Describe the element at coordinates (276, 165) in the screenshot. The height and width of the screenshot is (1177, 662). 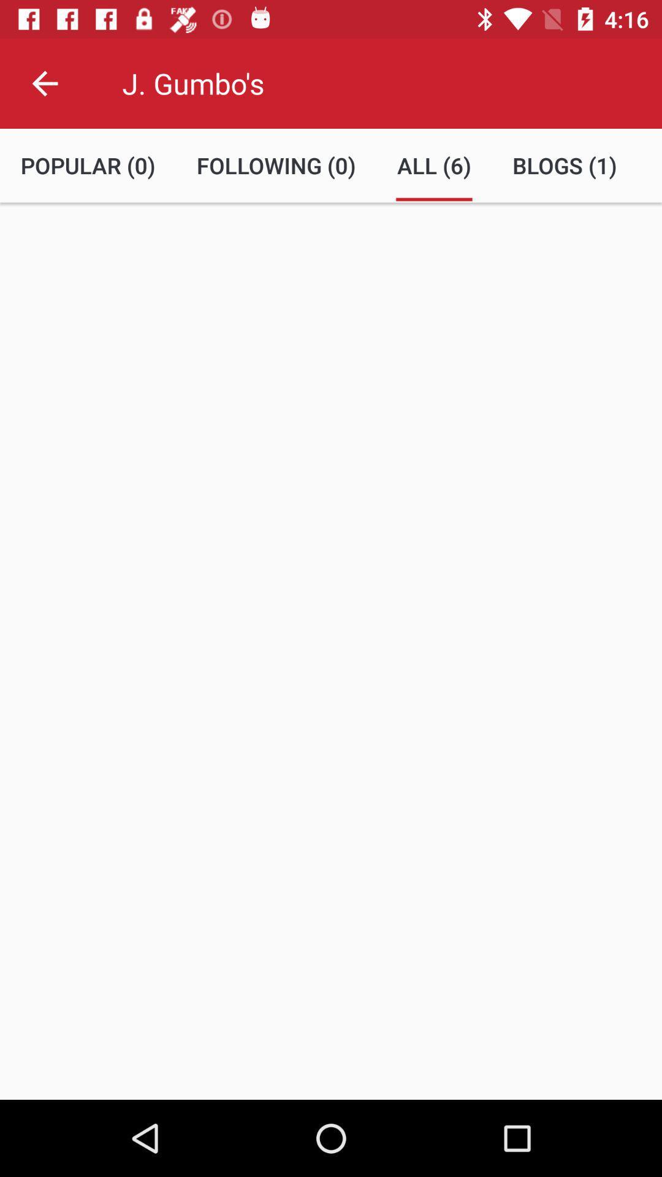
I see `item below the j. gumbo's item` at that location.